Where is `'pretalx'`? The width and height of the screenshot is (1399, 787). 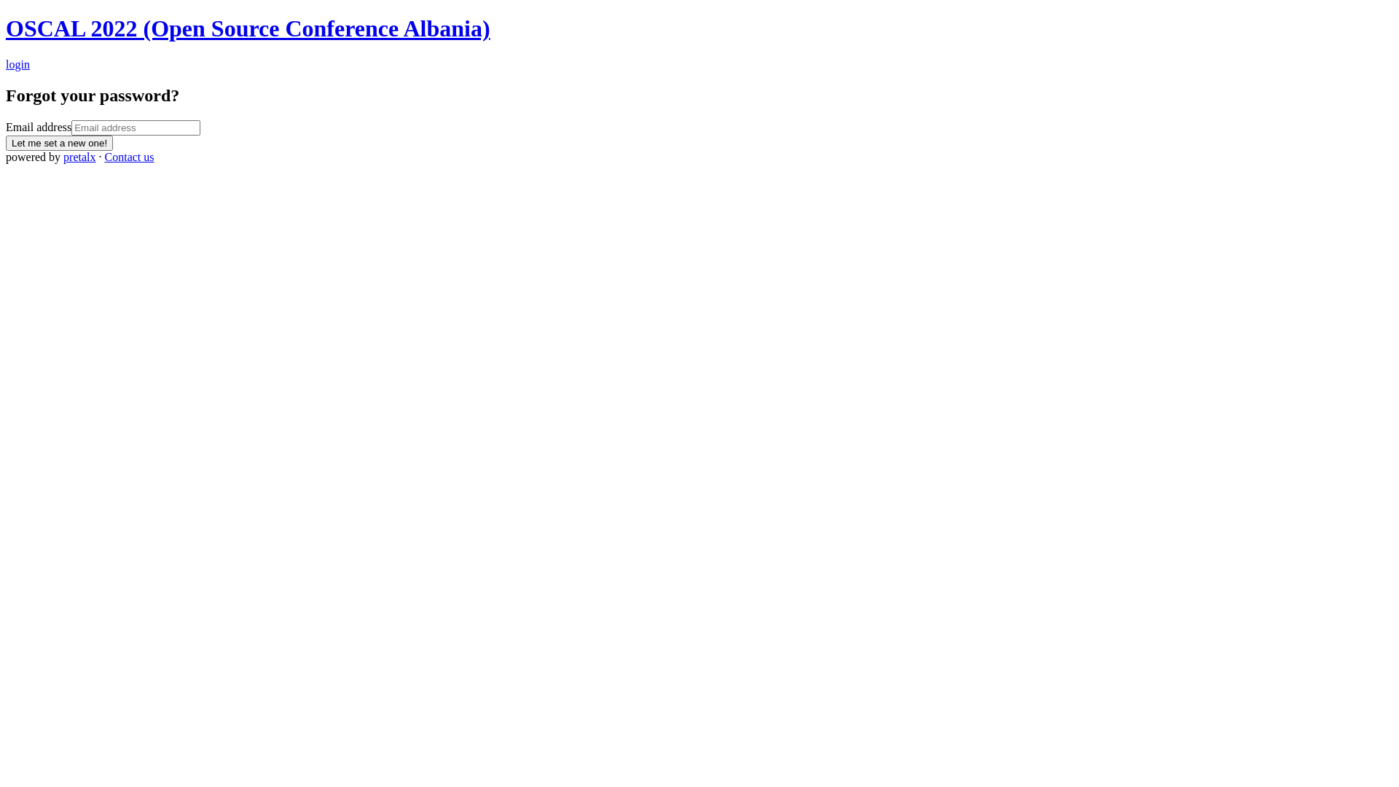 'pretalx' is located at coordinates (79, 157).